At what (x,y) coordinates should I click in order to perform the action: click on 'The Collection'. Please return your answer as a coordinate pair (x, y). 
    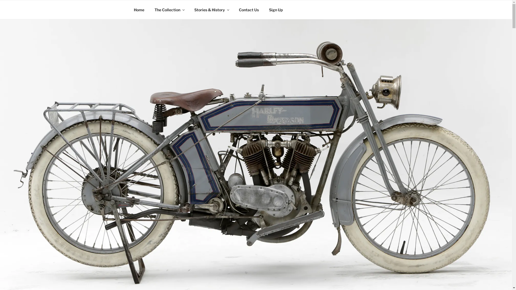
    Looking at the image, I should click on (169, 10).